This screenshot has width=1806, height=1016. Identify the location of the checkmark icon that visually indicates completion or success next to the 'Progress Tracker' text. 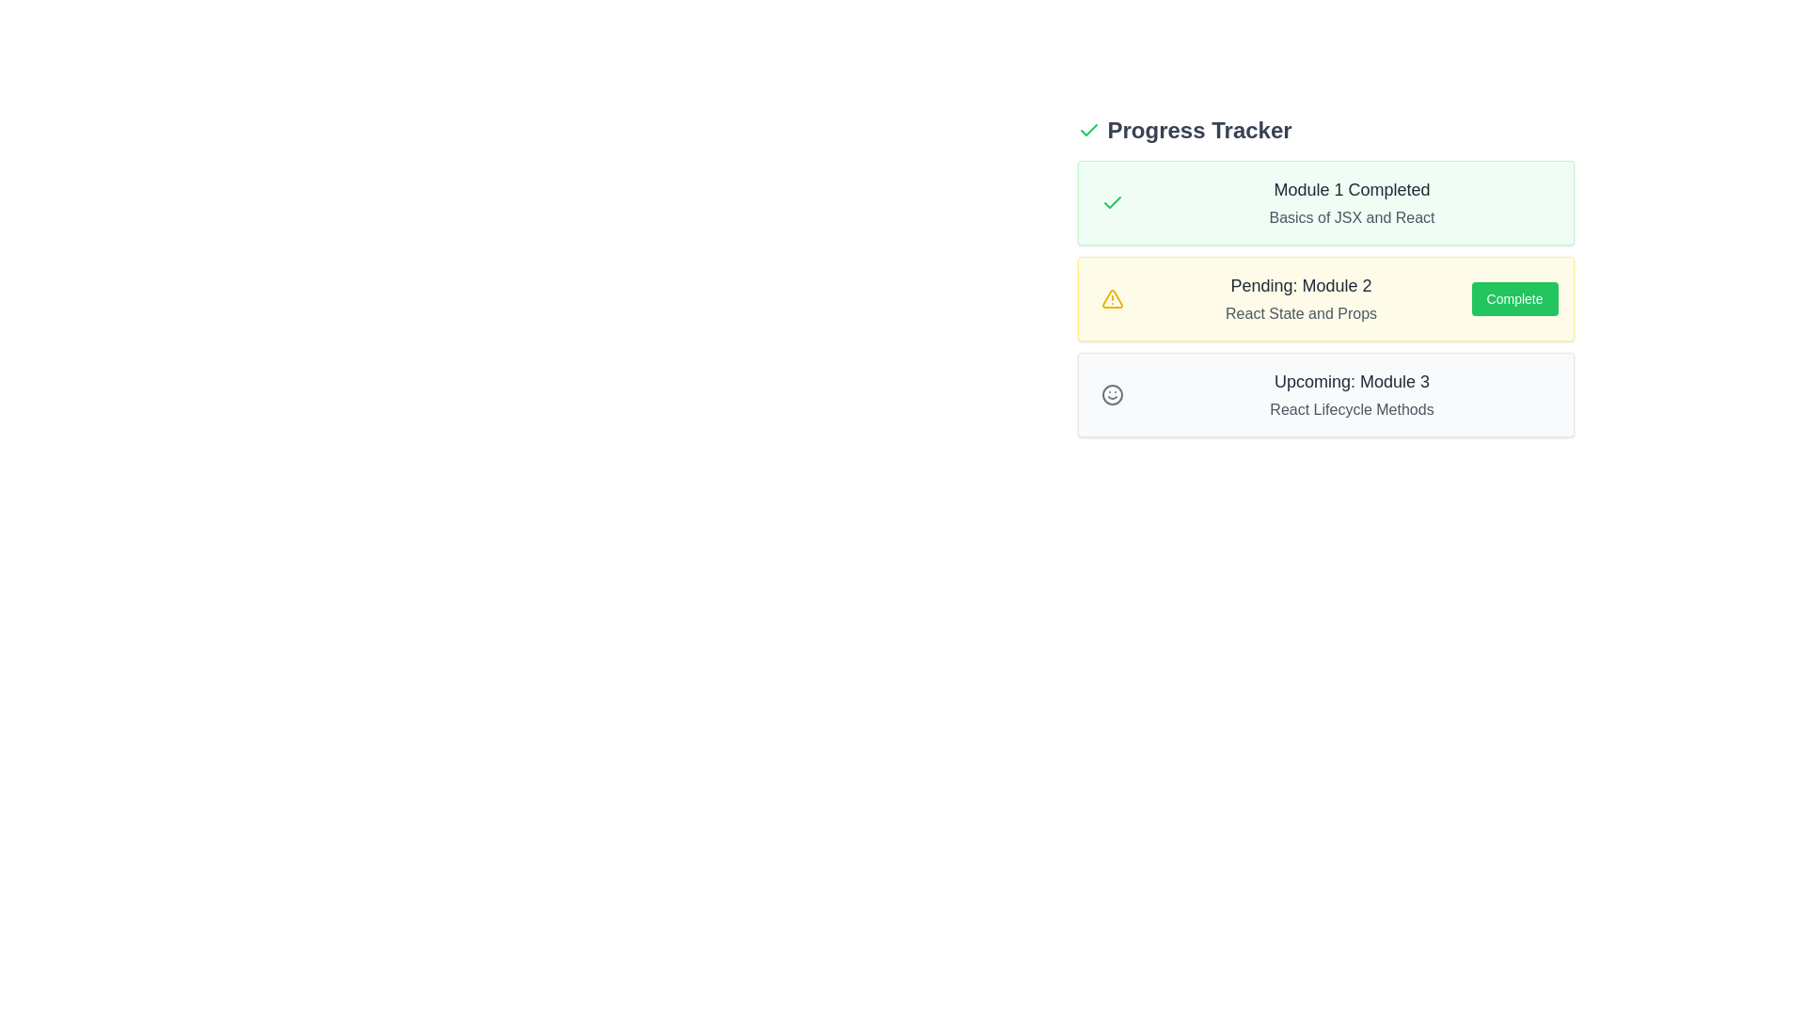
(1088, 129).